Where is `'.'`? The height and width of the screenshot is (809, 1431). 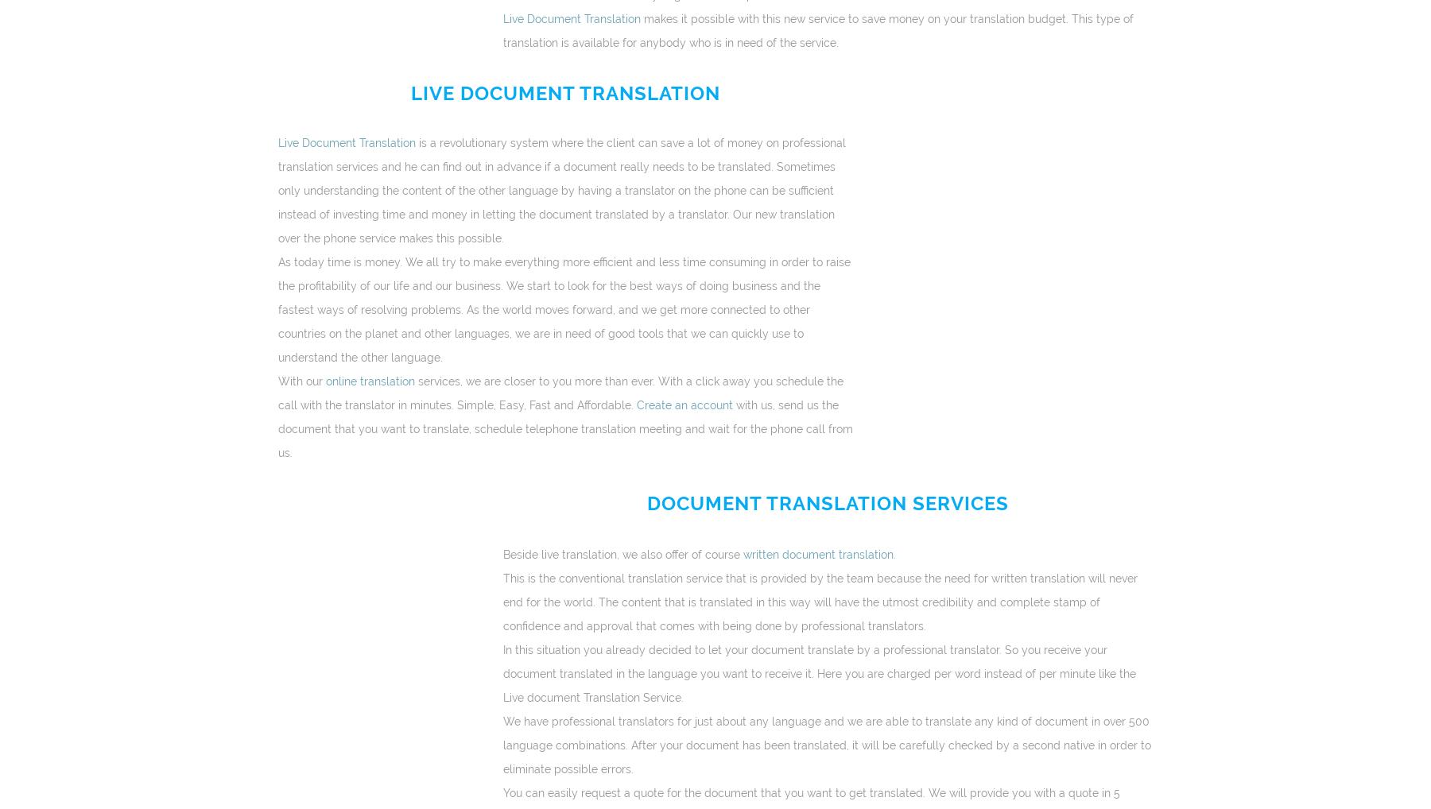 '.' is located at coordinates (894, 555).